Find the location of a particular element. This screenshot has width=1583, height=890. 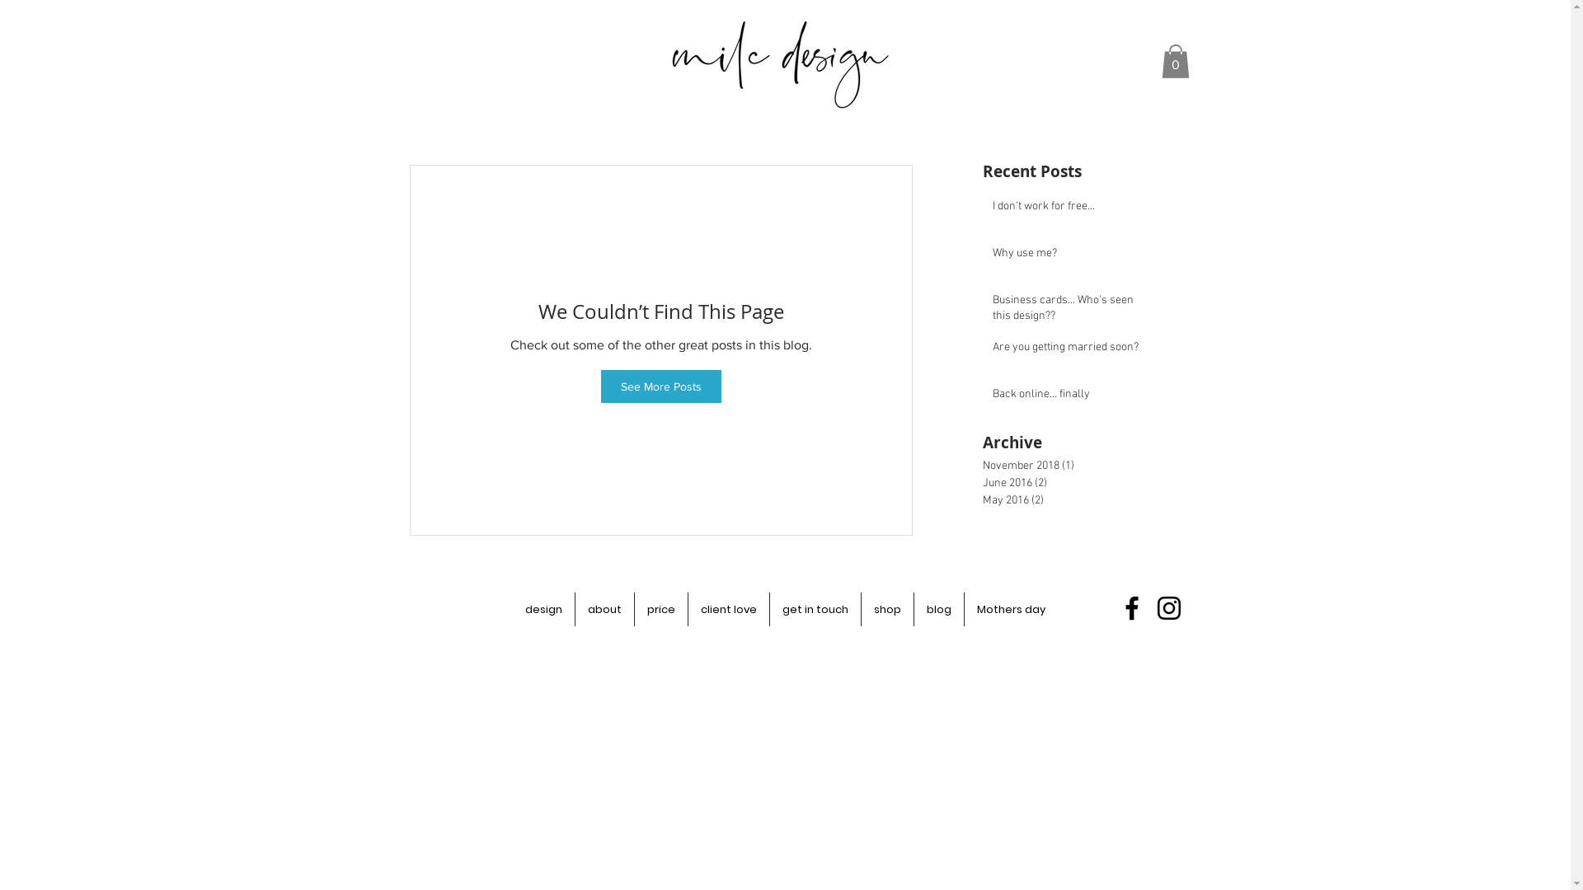

'June 2016 (2)' is located at coordinates (1069, 482).